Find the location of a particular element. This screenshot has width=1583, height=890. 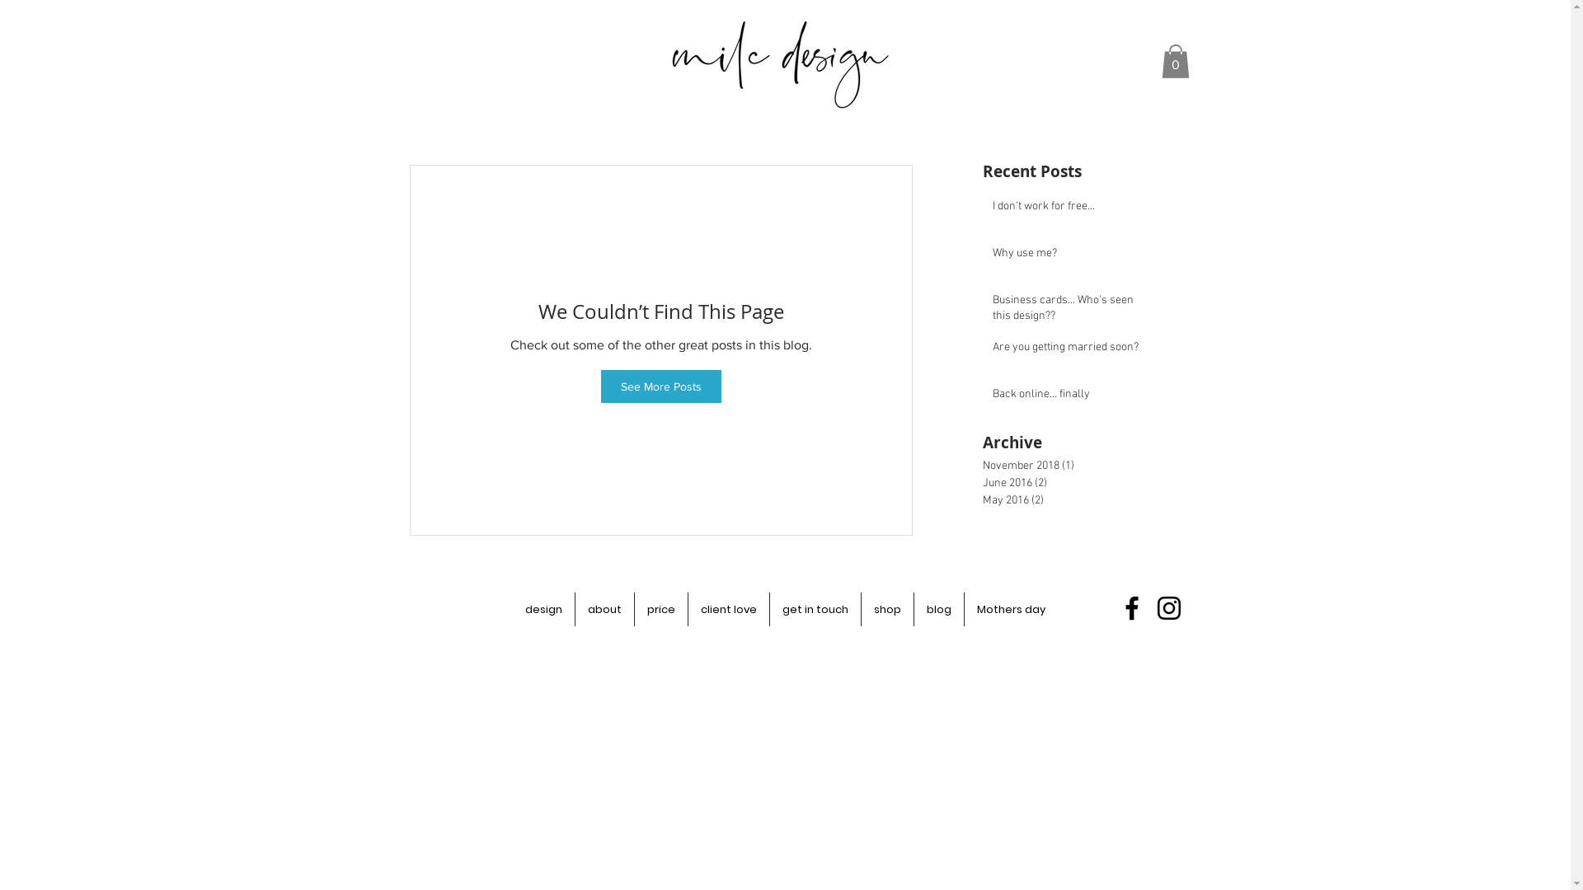

'June 2016 (2)' is located at coordinates (1069, 482).